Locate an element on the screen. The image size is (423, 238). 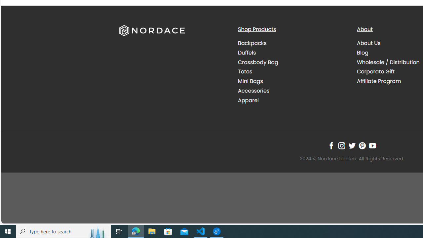
'Follow on Pinterest' is located at coordinates (362, 145).